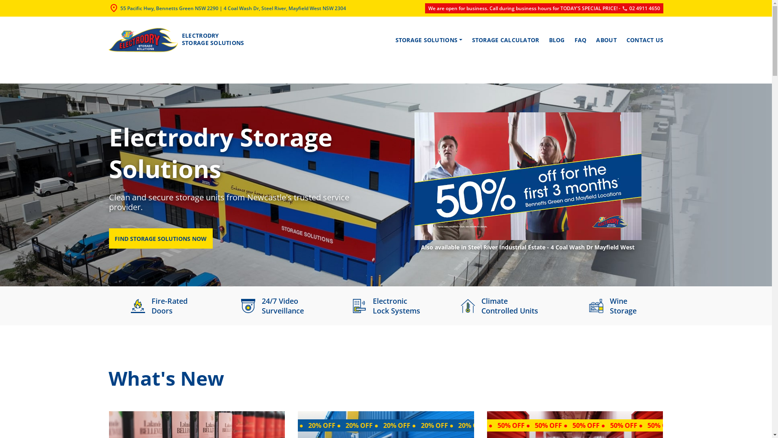 The height and width of the screenshot is (438, 778). I want to click on 'FAQ', so click(569, 40).